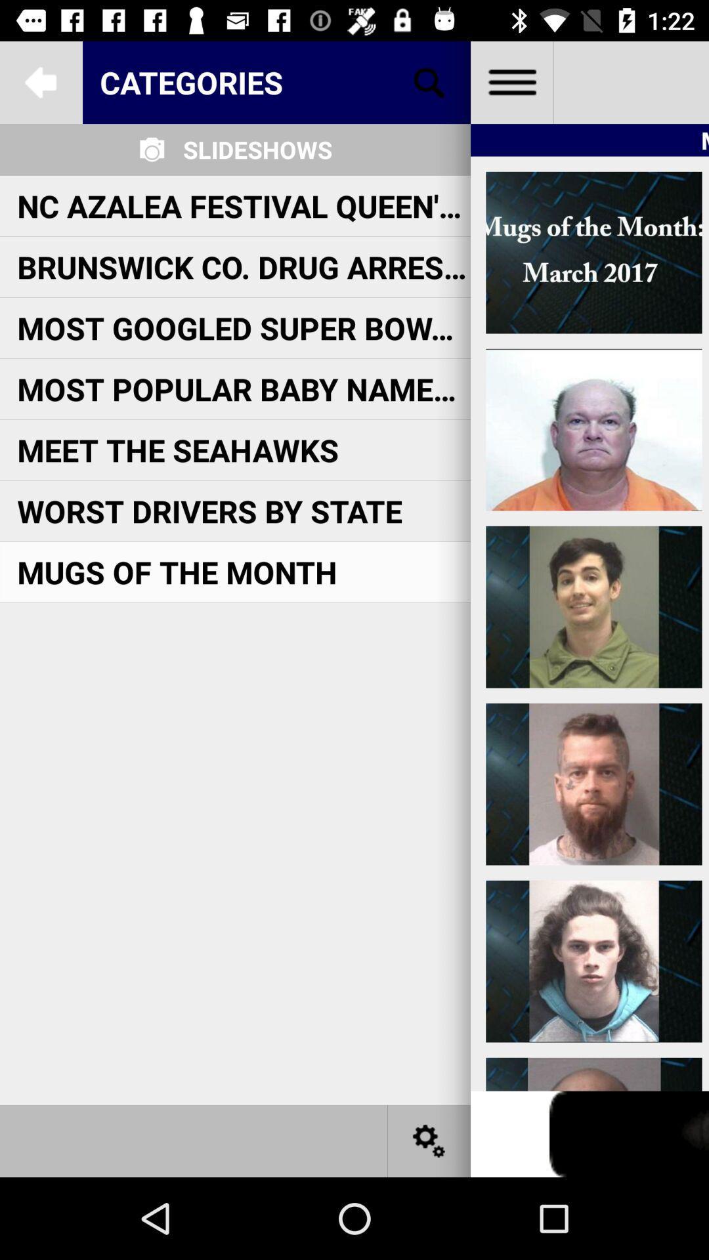 The image size is (709, 1260). Describe the element at coordinates (511, 81) in the screenshot. I see `the menu icon` at that location.